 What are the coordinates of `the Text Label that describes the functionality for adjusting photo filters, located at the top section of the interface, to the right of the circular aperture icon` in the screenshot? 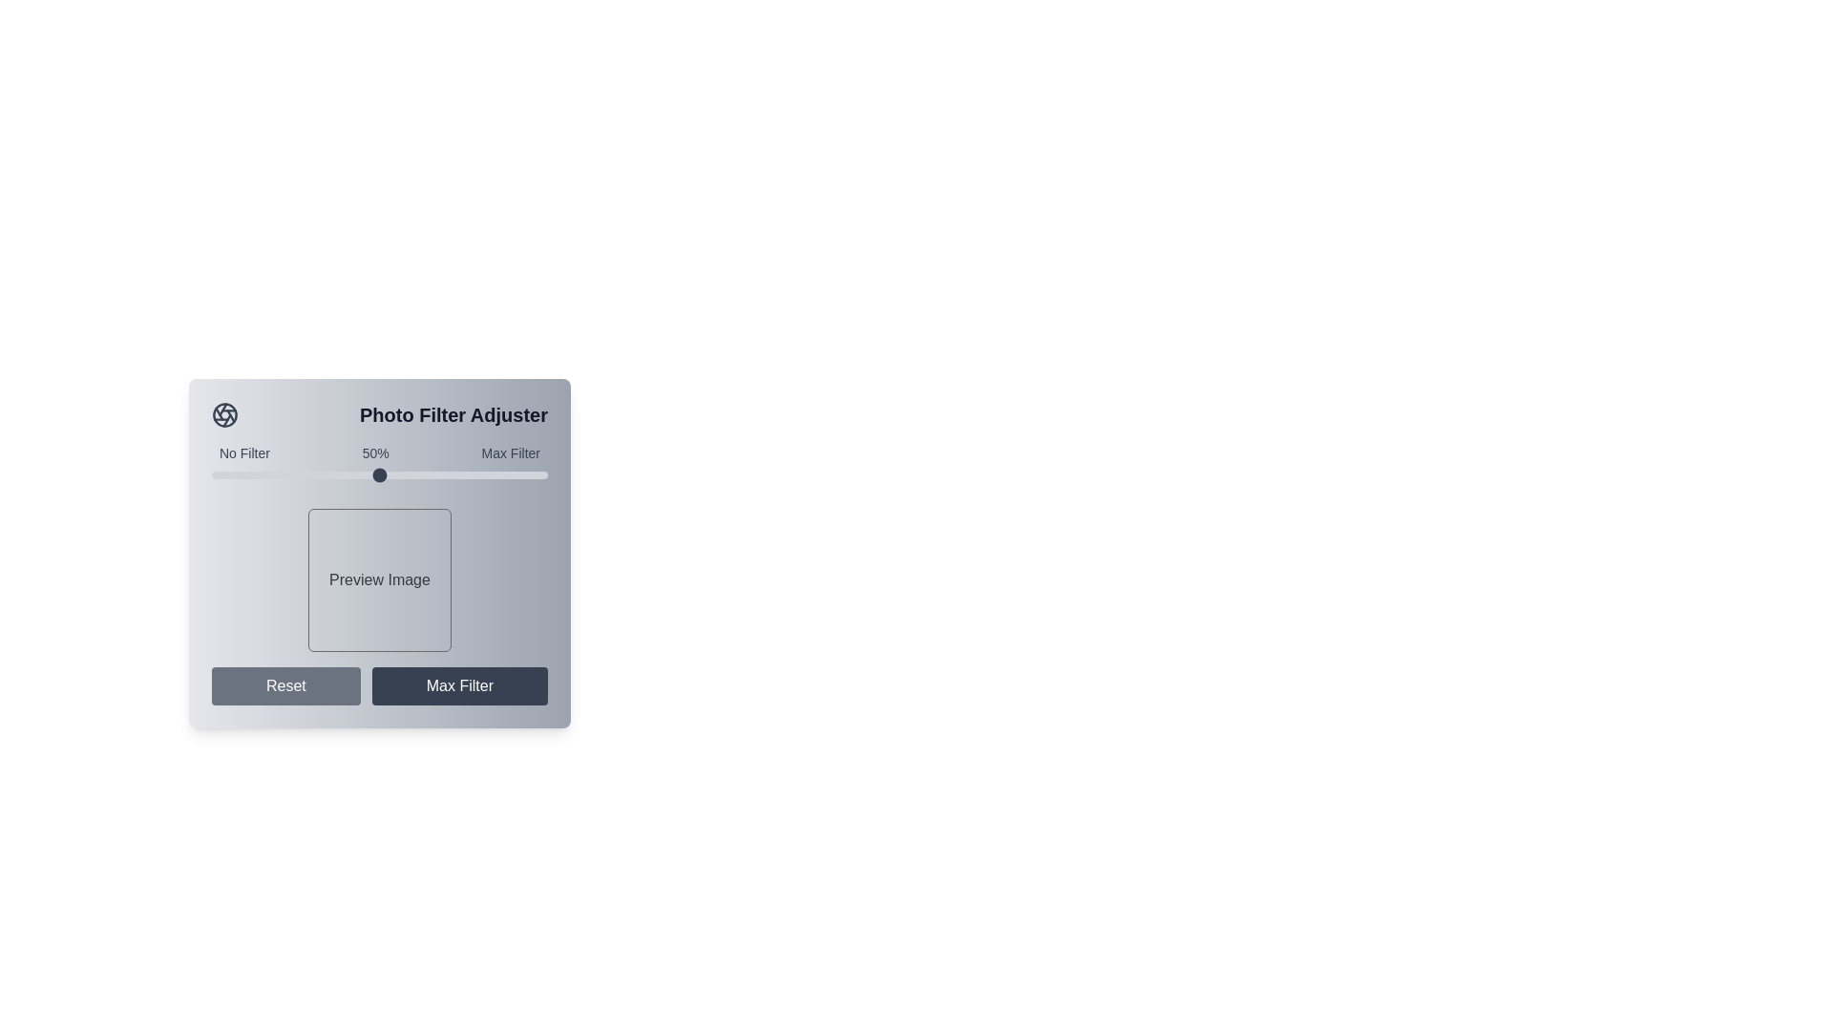 It's located at (453, 414).